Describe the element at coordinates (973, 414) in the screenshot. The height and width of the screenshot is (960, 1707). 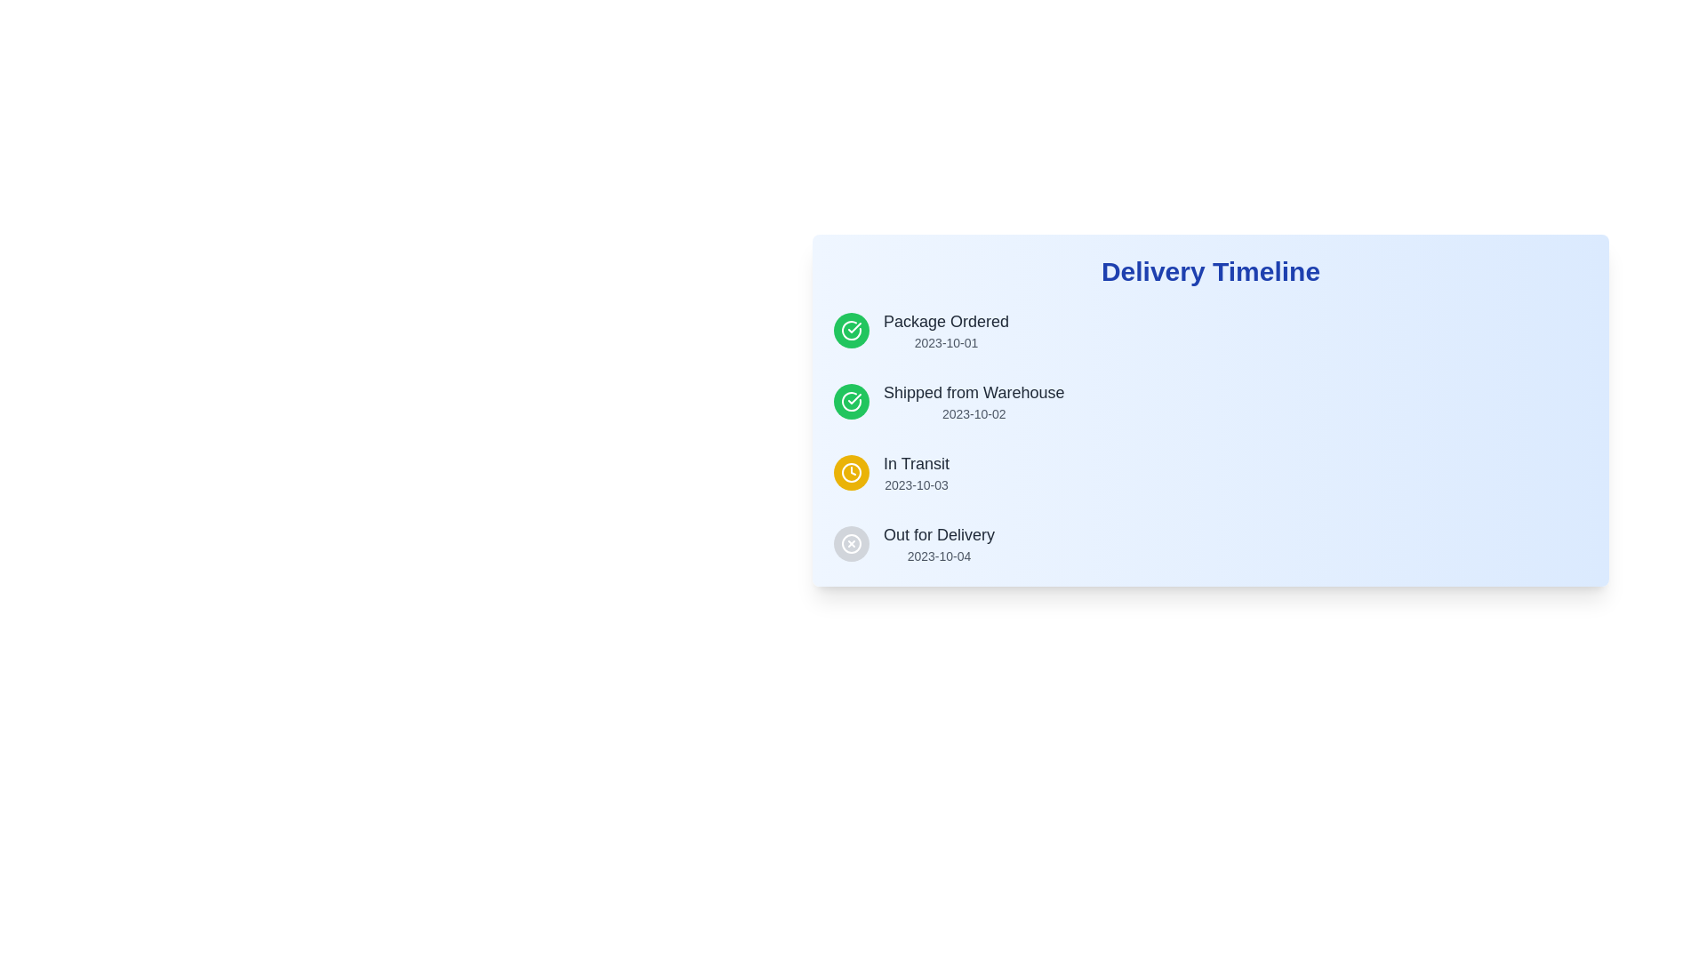
I see `date text label '2023-10-02' located beneath the 'Shipped from Warehouse' label in the timeline` at that location.